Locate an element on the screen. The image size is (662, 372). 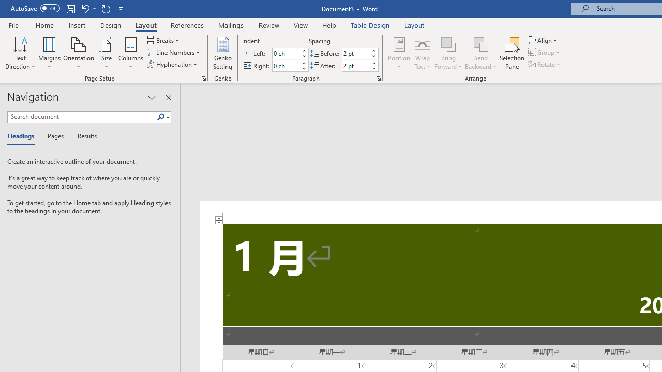
'Hyphenation' is located at coordinates (173, 64).